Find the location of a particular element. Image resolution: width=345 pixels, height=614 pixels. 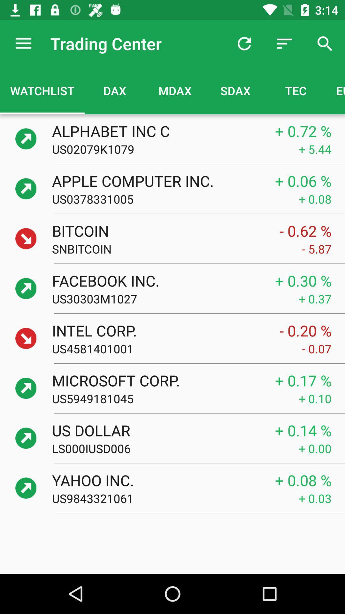

item below us02079k1079 icon is located at coordinates (157, 180).